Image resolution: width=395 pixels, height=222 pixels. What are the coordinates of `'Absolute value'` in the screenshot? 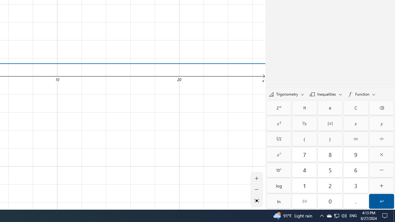 It's located at (330, 123).